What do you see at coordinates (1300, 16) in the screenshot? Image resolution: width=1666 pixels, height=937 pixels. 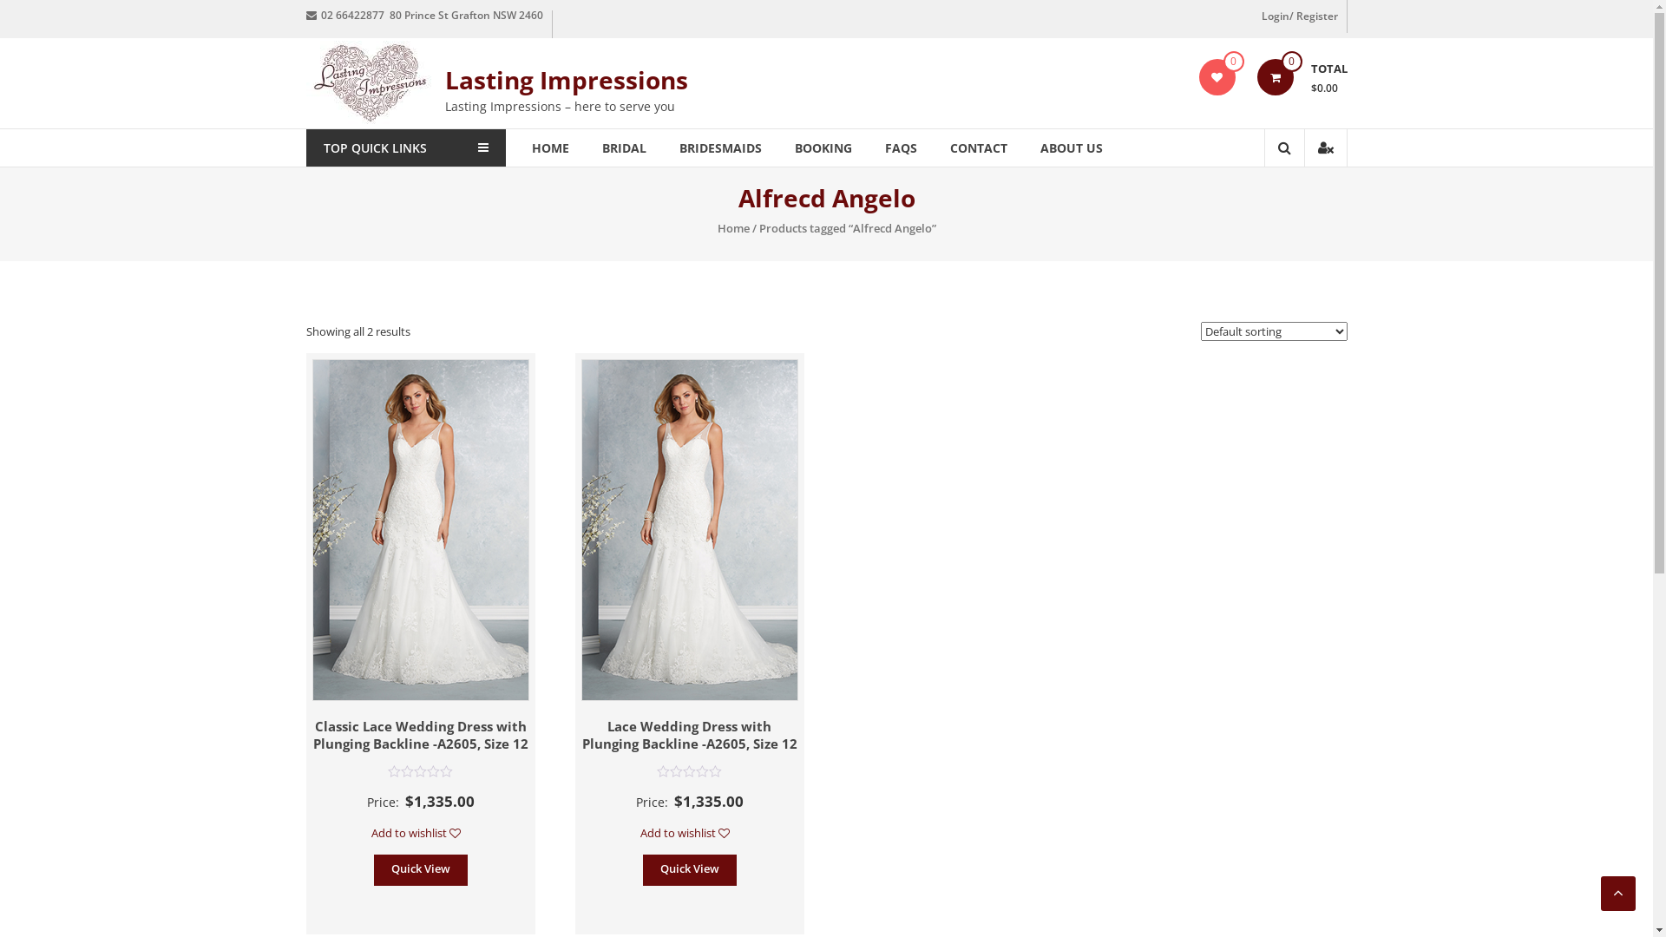 I see `'Login/ Register'` at bounding box center [1300, 16].